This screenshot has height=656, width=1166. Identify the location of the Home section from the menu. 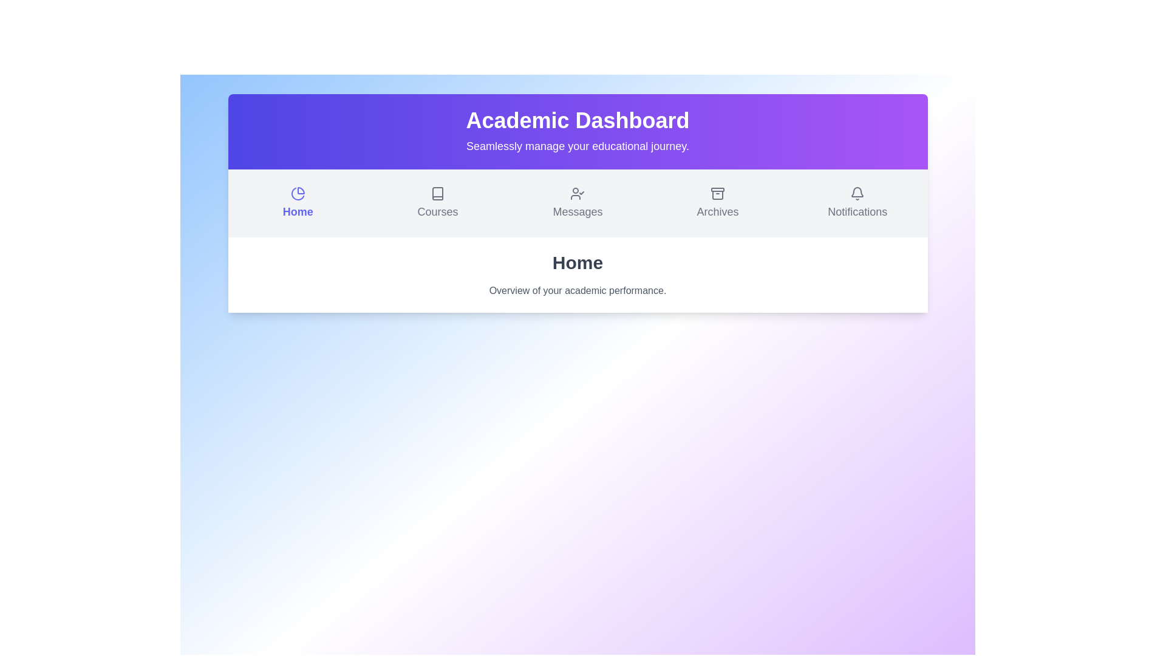
(298, 203).